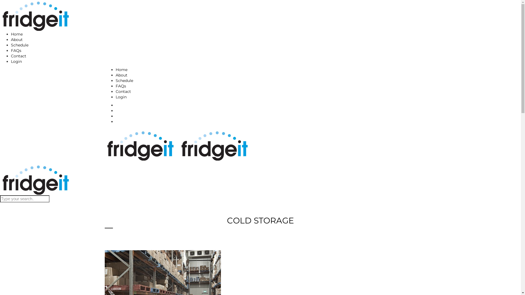 Image resolution: width=525 pixels, height=295 pixels. What do you see at coordinates (16, 51) in the screenshot?
I see `'FAQs'` at bounding box center [16, 51].